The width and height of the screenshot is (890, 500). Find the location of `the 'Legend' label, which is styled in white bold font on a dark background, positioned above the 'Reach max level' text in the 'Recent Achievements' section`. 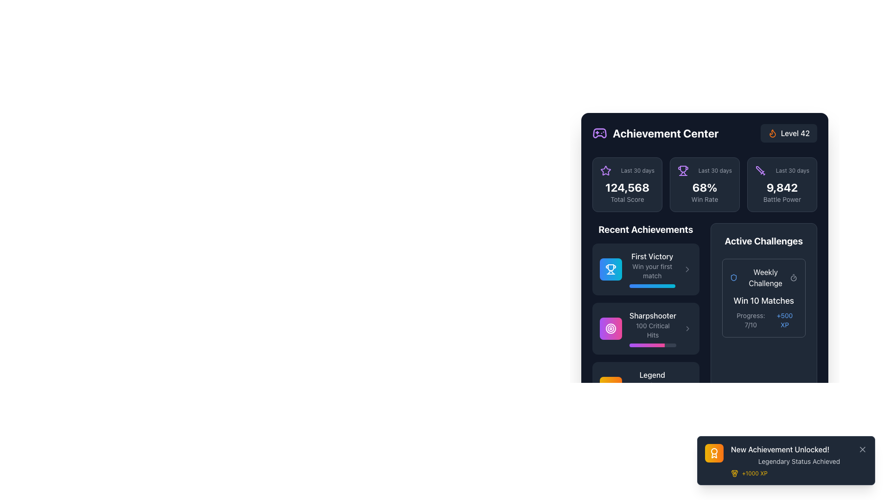

the 'Legend' label, which is styled in white bold font on a dark background, positioned above the 'Reach max level' text in the 'Recent Achievements' section is located at coordinates (652, 375).